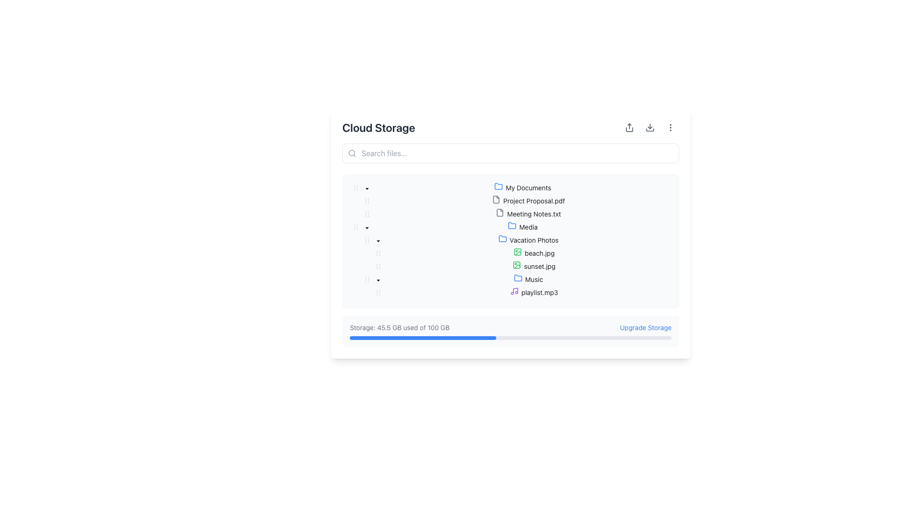 This screenshot has width=898, height=505. I want to click on the delete button aligned with the third main item in the hierarchical list under the 'Vacation Photos' folder, so click(377, 291).